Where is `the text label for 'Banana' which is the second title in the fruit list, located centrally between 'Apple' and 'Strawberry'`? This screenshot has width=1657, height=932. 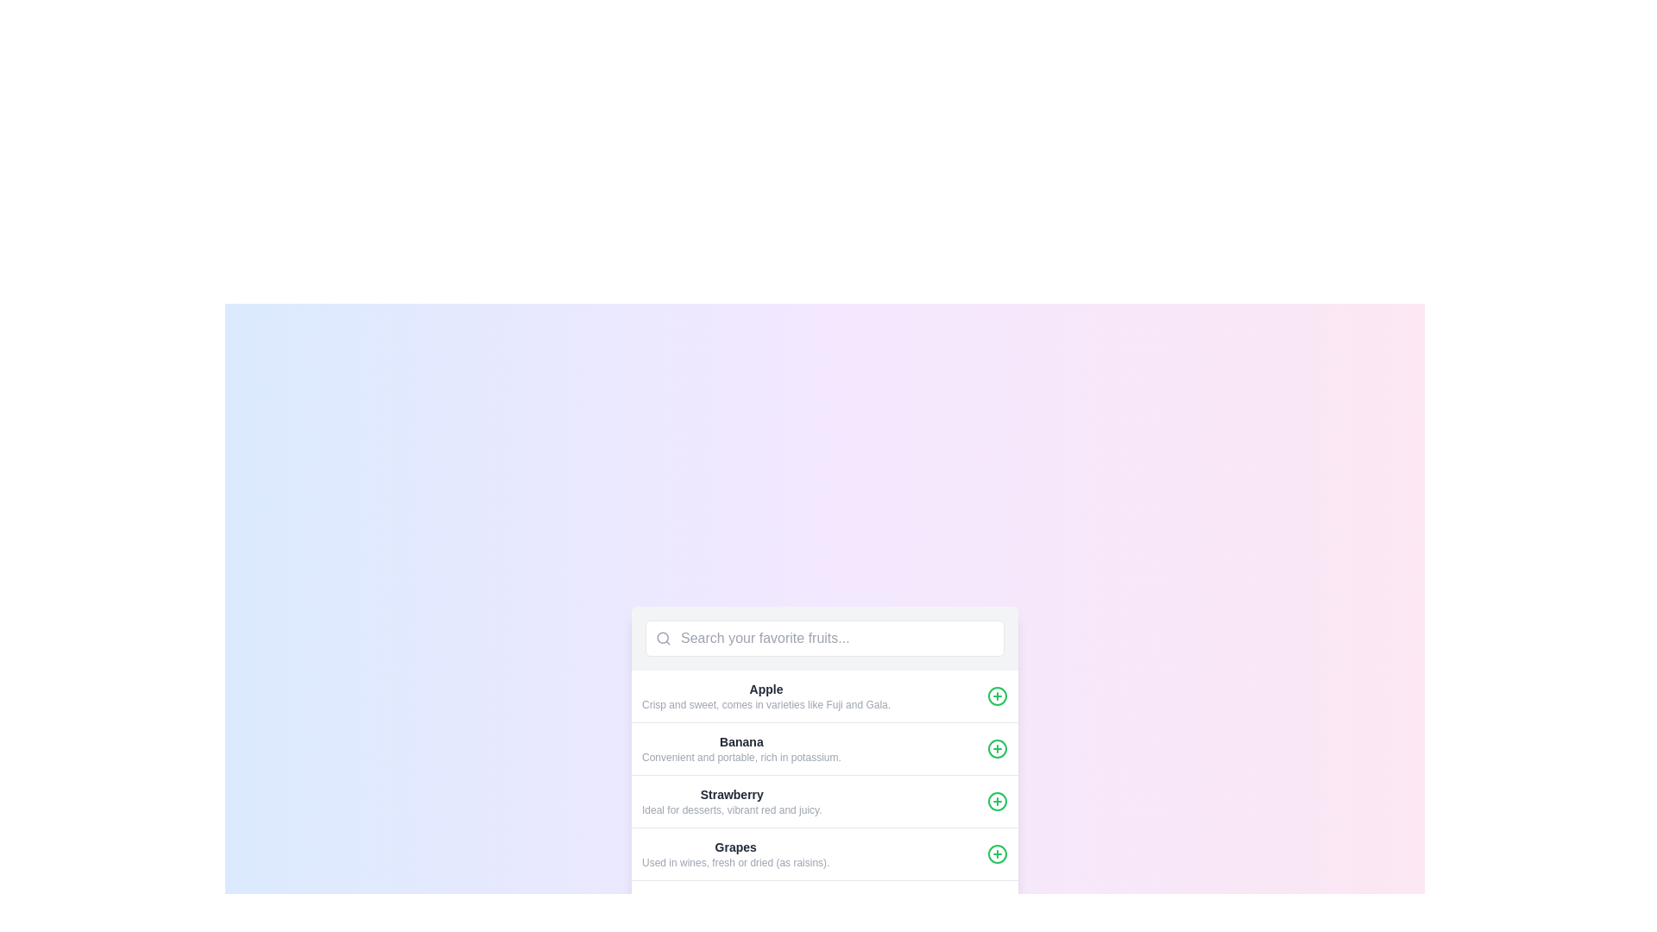
the text label for 'Banana' which is the second title in the fruit list, located centrally between 'Apple' and 'Strawberry' is located at coordinates (741, 741).